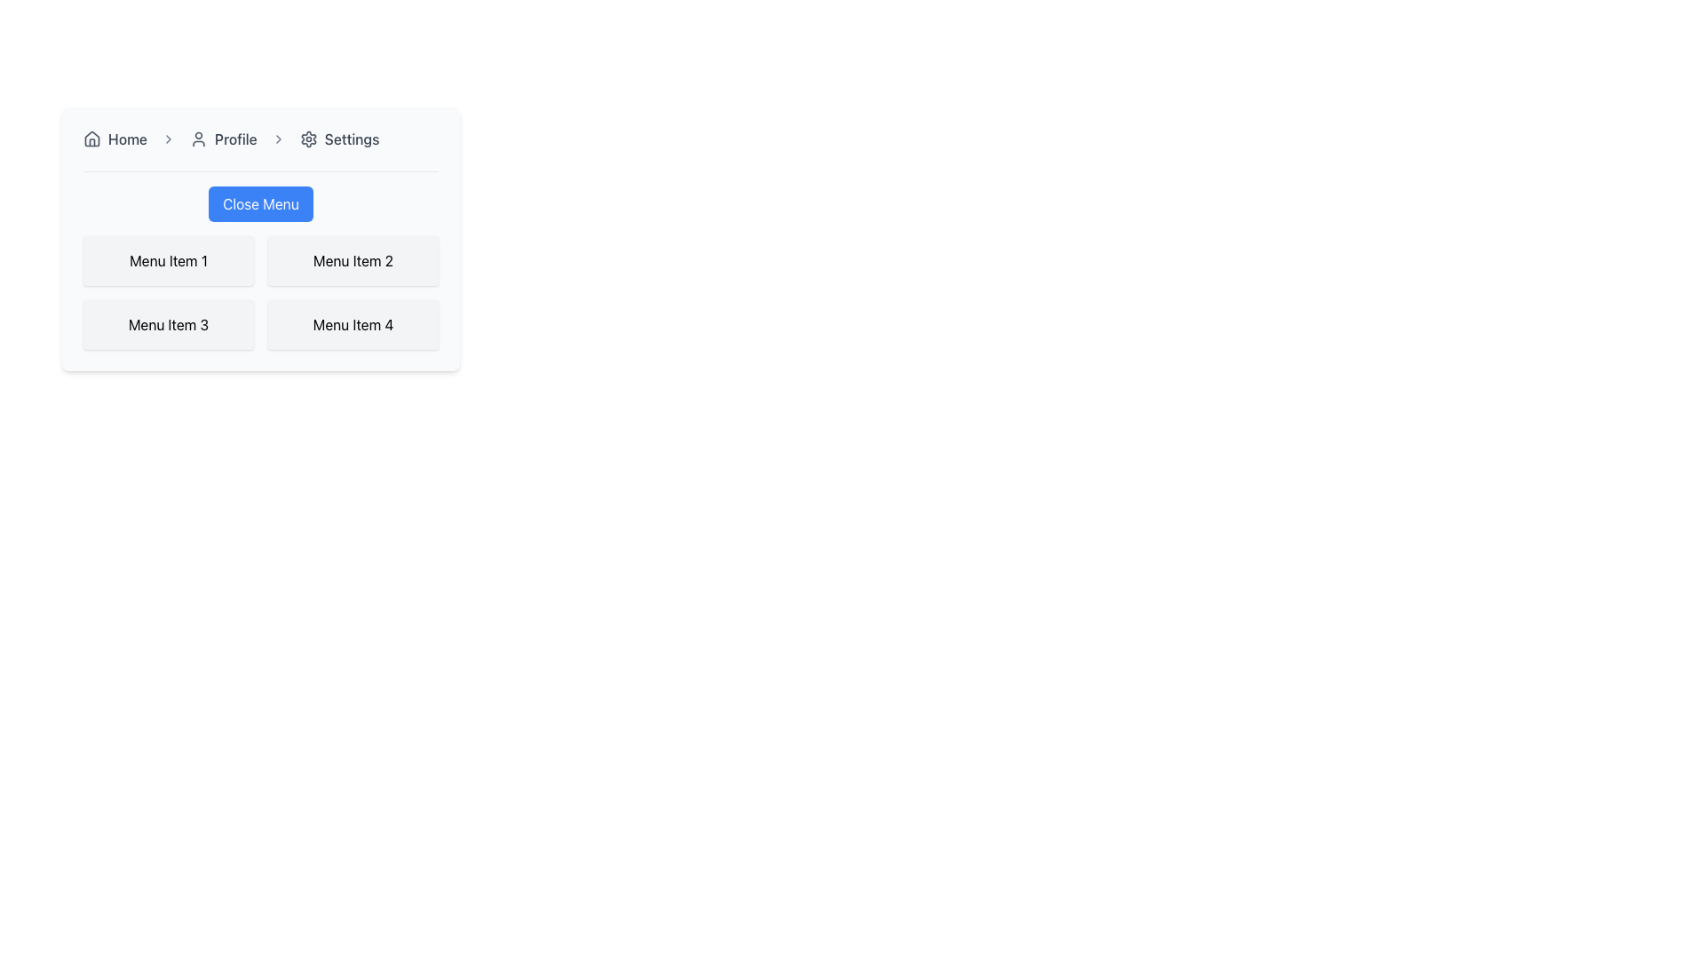 The width and height of the screenshot is (1705, 959). Describe the element at coordinates (352, 139) in the screenshot. I see `the 'Settings' text label in the breadcrumb navigation area, which is the fourth item indicating the current page or a clickable link to navigate to the 'Settings' page` at that location.